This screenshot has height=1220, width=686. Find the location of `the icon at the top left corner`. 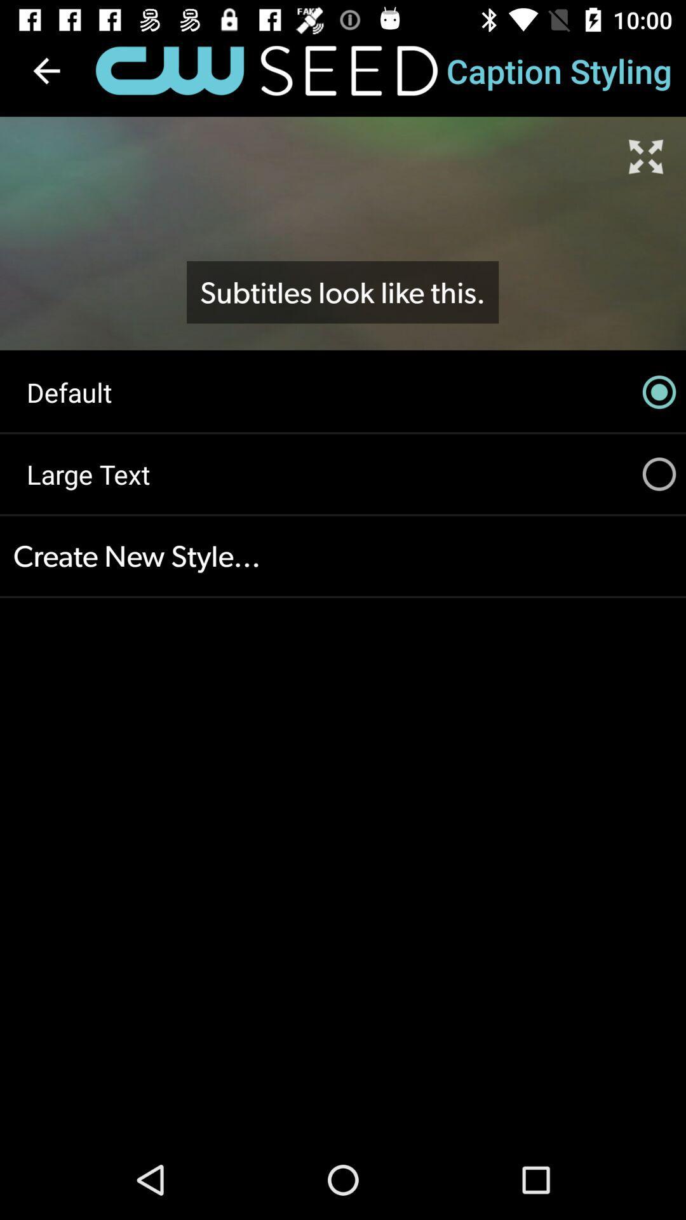

the icon at the top left corner is located at coordinates (46, 70).